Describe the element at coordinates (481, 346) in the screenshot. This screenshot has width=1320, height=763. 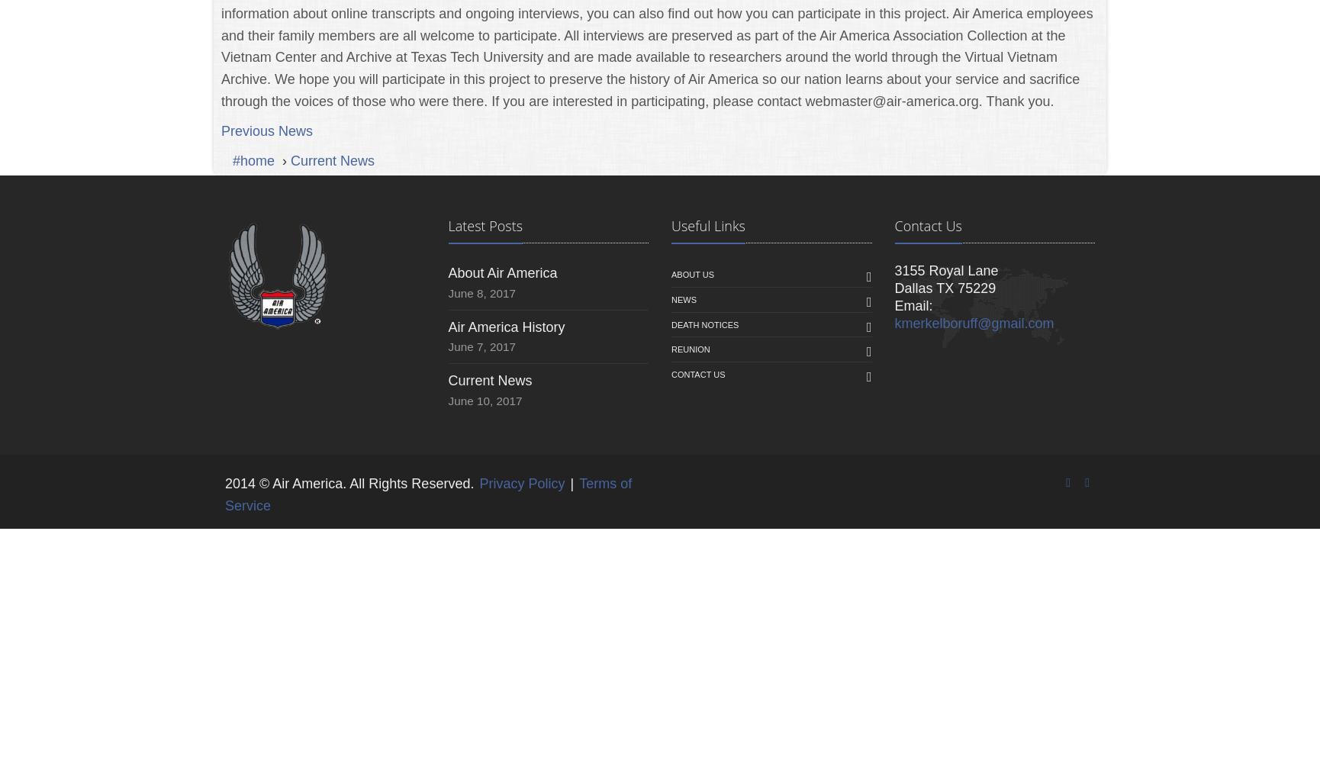
I see `'June 7, 2017'` at that location.